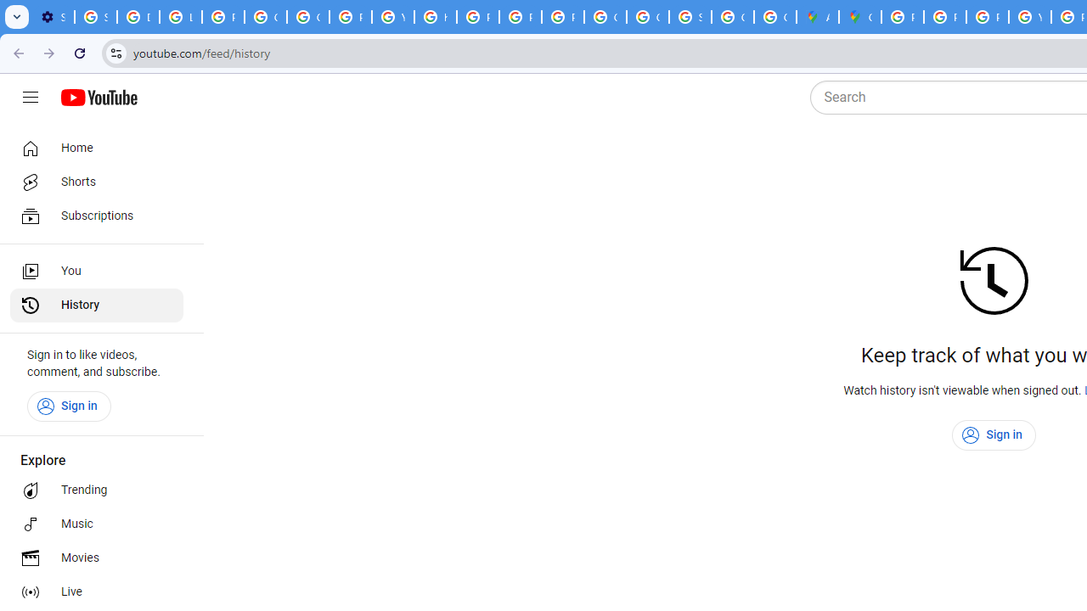 The width and height of the screenshot is (1087, 611). What do you see at coordinates (1028, 17) in the screenshot?
I see `'YouTube'` at bounding box center [1028, 17].